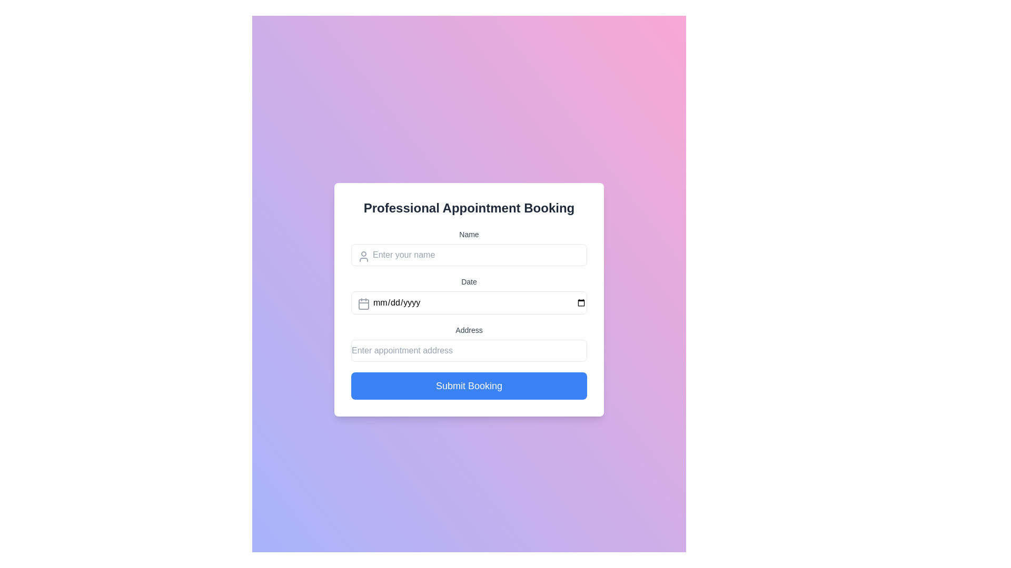  I want to click on the Decorative Icon, which is a gray outline of a user icon positioned at the top-left of the input field for entering a name, so click(364, 257).